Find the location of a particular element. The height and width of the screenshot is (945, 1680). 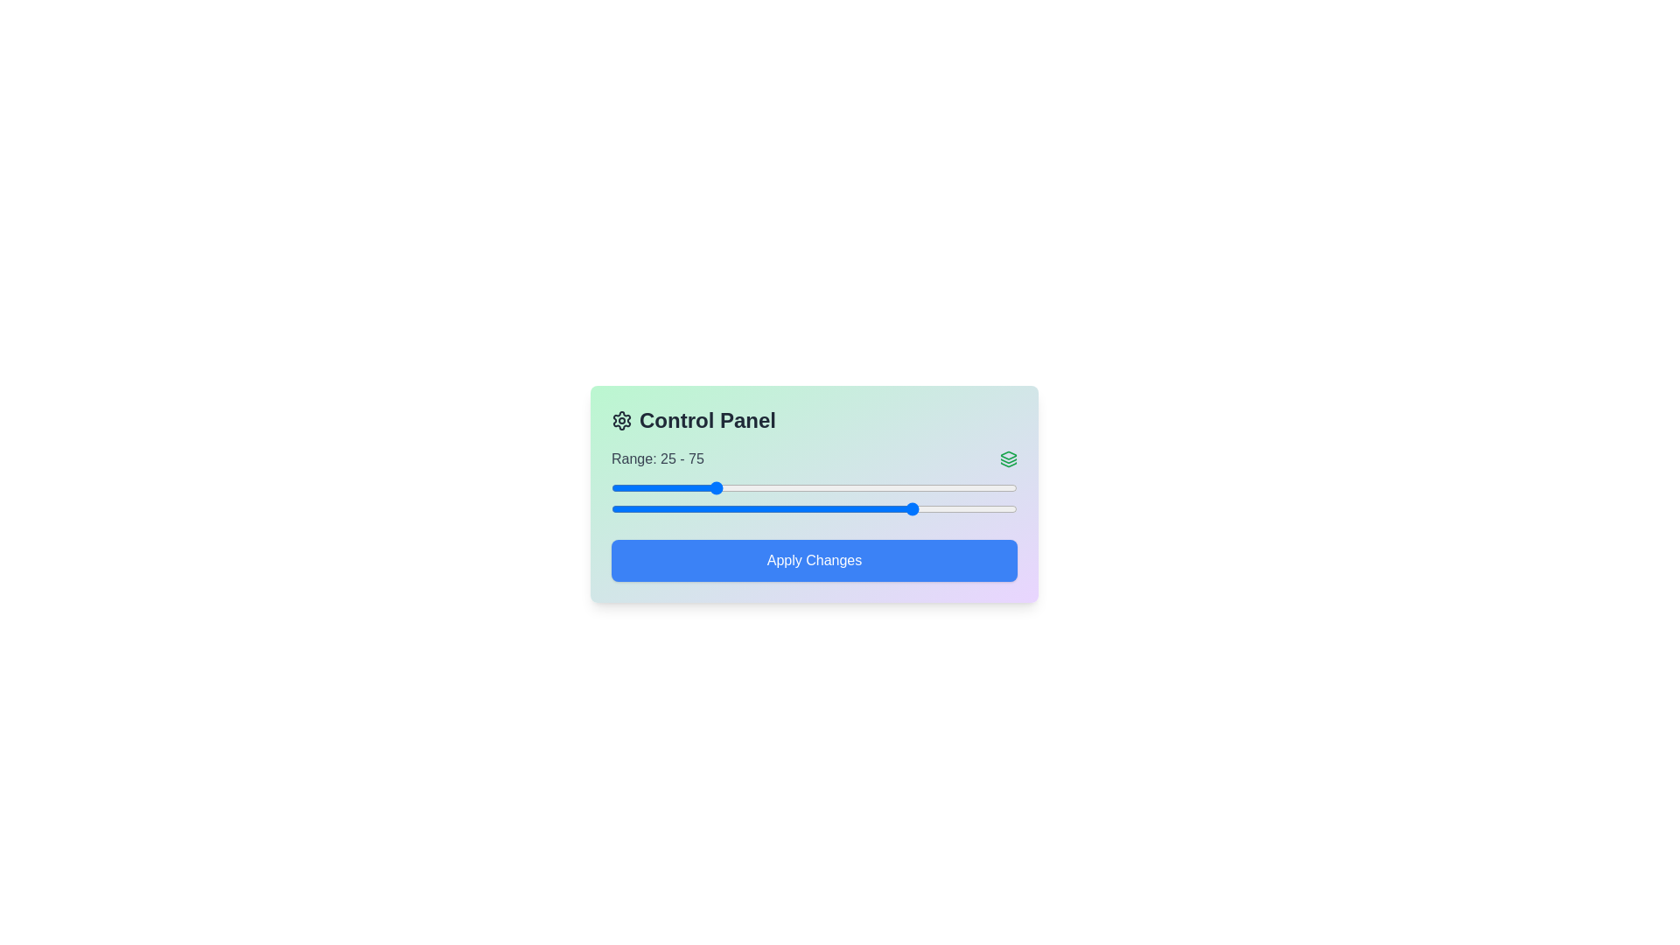

the 'Settings' icon to open additional options is located at coordinates (621, 421).